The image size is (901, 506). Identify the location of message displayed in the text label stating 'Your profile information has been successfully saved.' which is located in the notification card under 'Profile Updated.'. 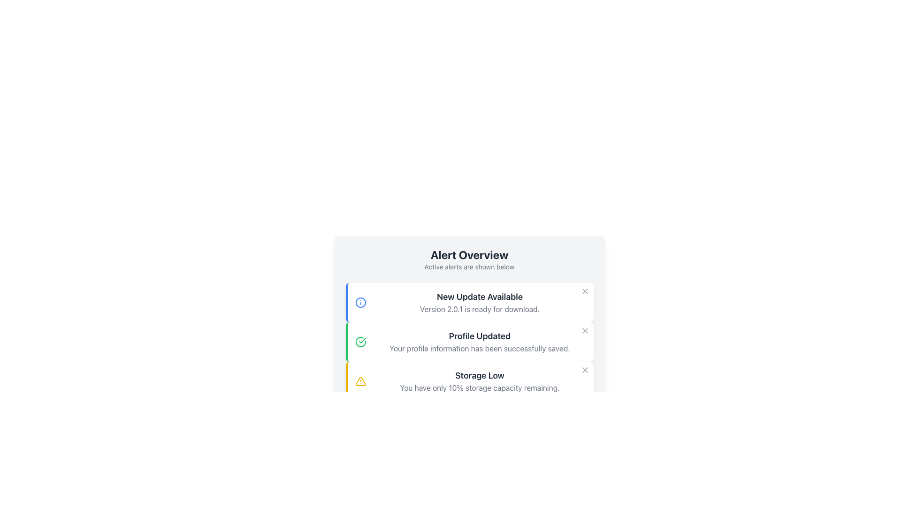
(480, 349).